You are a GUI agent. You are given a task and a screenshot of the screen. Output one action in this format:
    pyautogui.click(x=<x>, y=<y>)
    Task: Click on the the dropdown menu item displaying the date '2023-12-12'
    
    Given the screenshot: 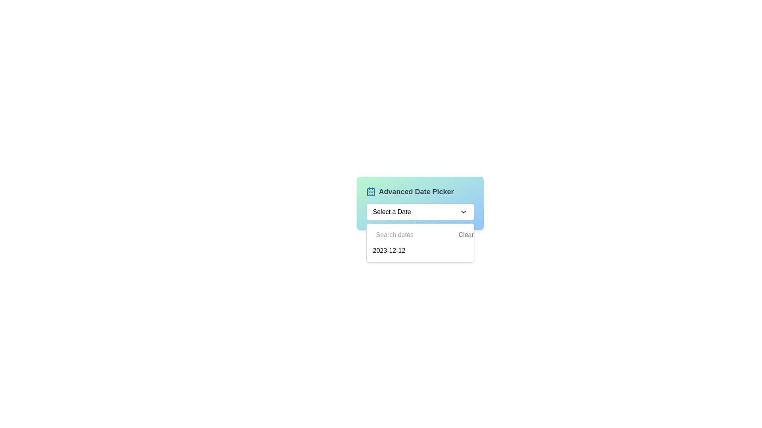 What is the action you would take?
    pyautogui.click(x=419, y=250)
    